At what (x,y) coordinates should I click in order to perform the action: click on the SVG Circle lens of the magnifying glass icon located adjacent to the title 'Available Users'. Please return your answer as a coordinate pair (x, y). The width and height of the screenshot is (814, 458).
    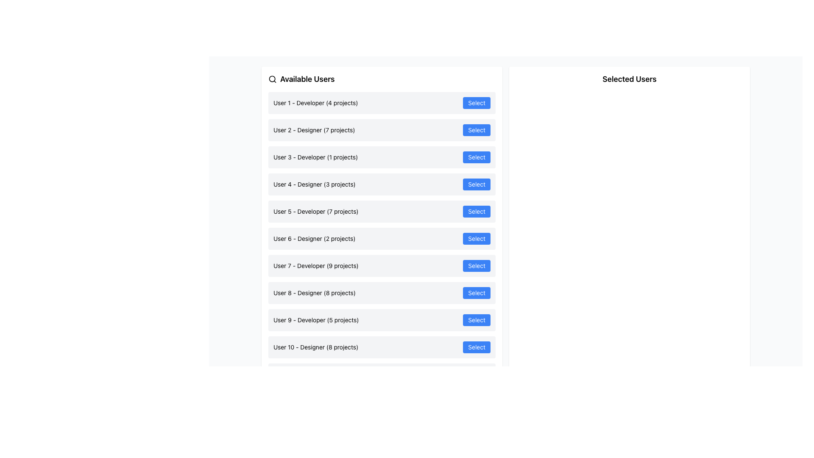
    Looking at the image, I should click on (272, 79).